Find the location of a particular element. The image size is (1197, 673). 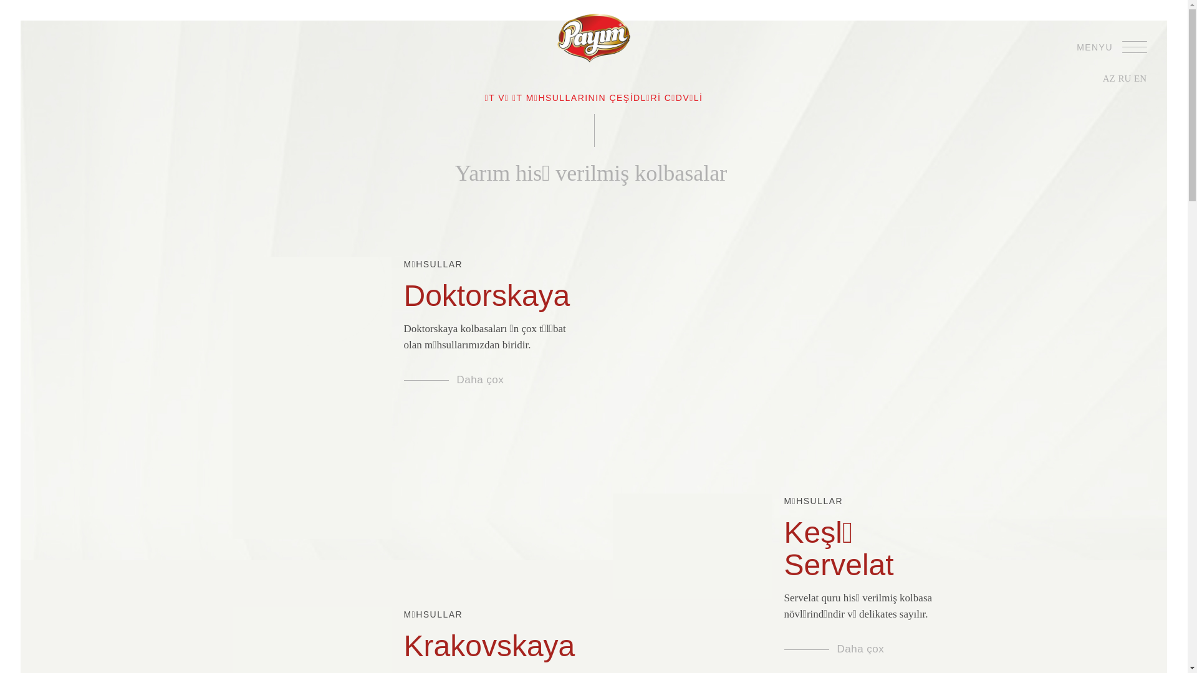

'AZ' is located at coordinates (1109, 79).